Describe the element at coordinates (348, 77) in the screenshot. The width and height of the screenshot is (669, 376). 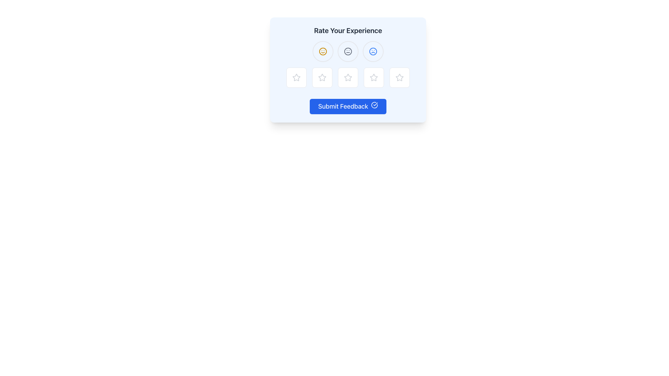
I see `the third star icon in the rating interface` at that location.